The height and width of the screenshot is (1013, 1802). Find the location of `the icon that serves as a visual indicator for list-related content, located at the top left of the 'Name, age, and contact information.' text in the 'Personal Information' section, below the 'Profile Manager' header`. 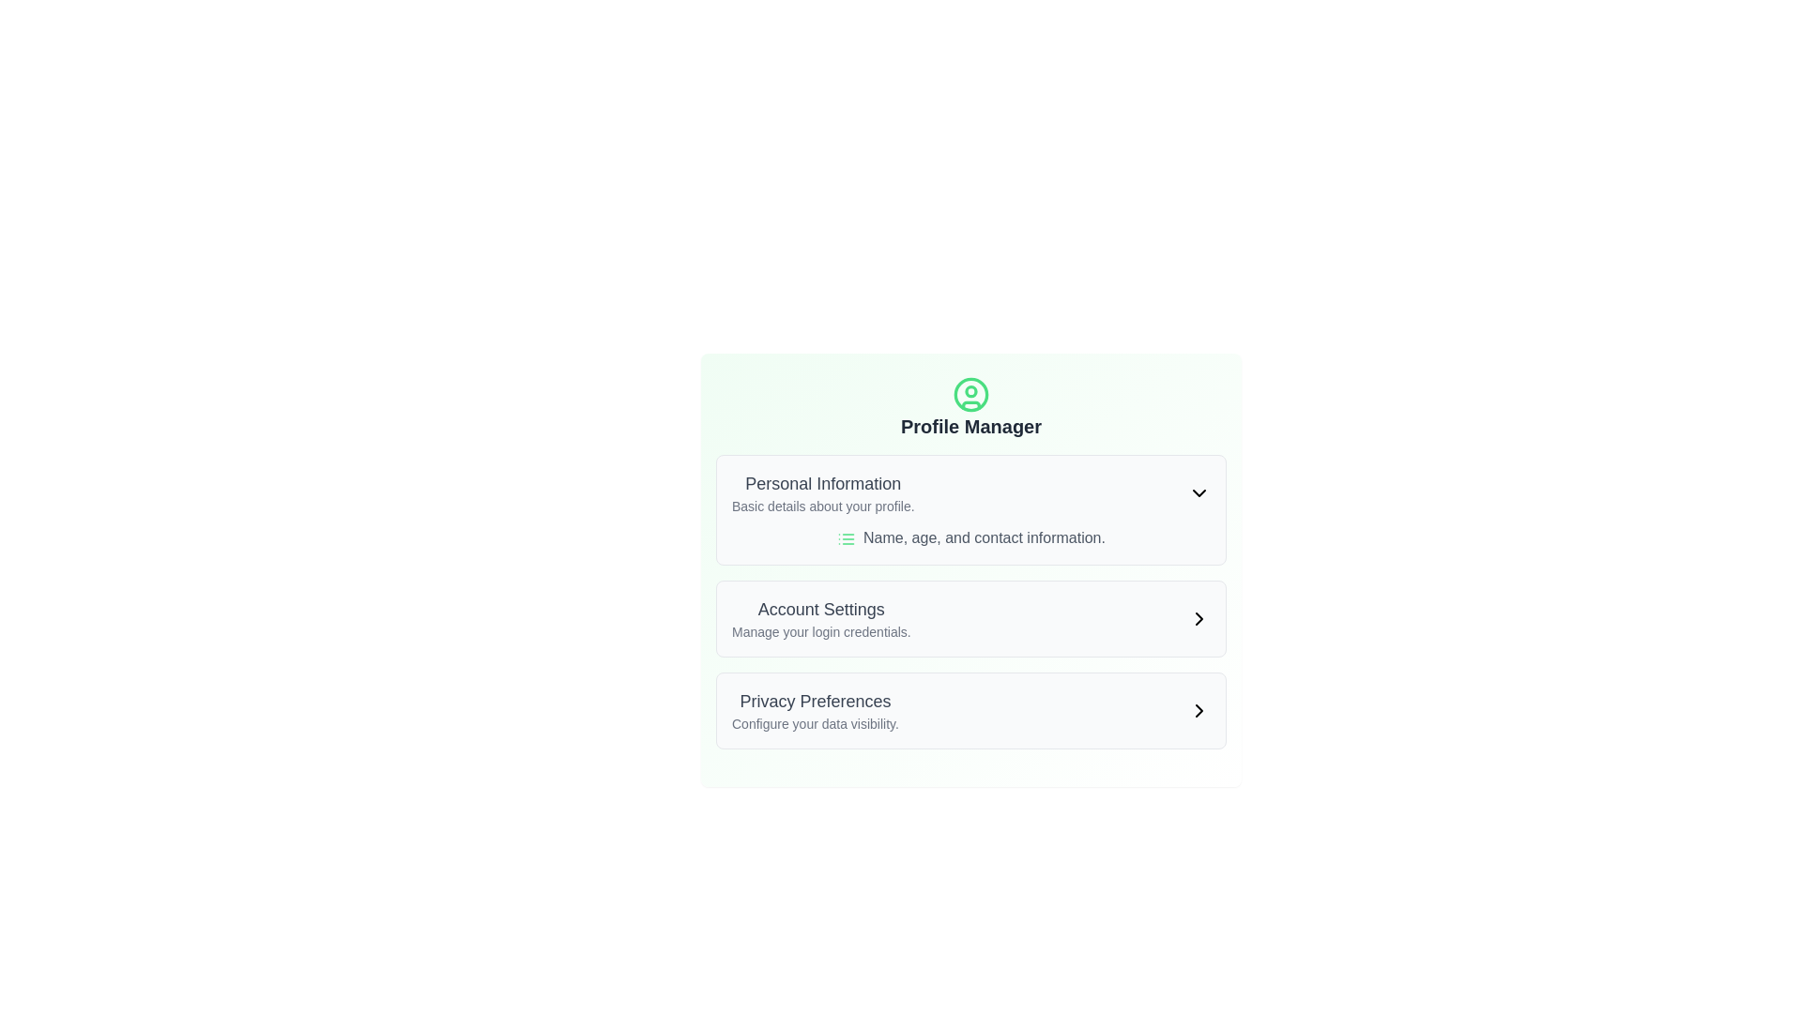

the icon that serves as a visual indicator for list-related content, located at the top left of the 'Name, age, and contact information.' text in the 'Personal Information' section, below the 'Profile Manager' header is located at coordinates (846, 538).